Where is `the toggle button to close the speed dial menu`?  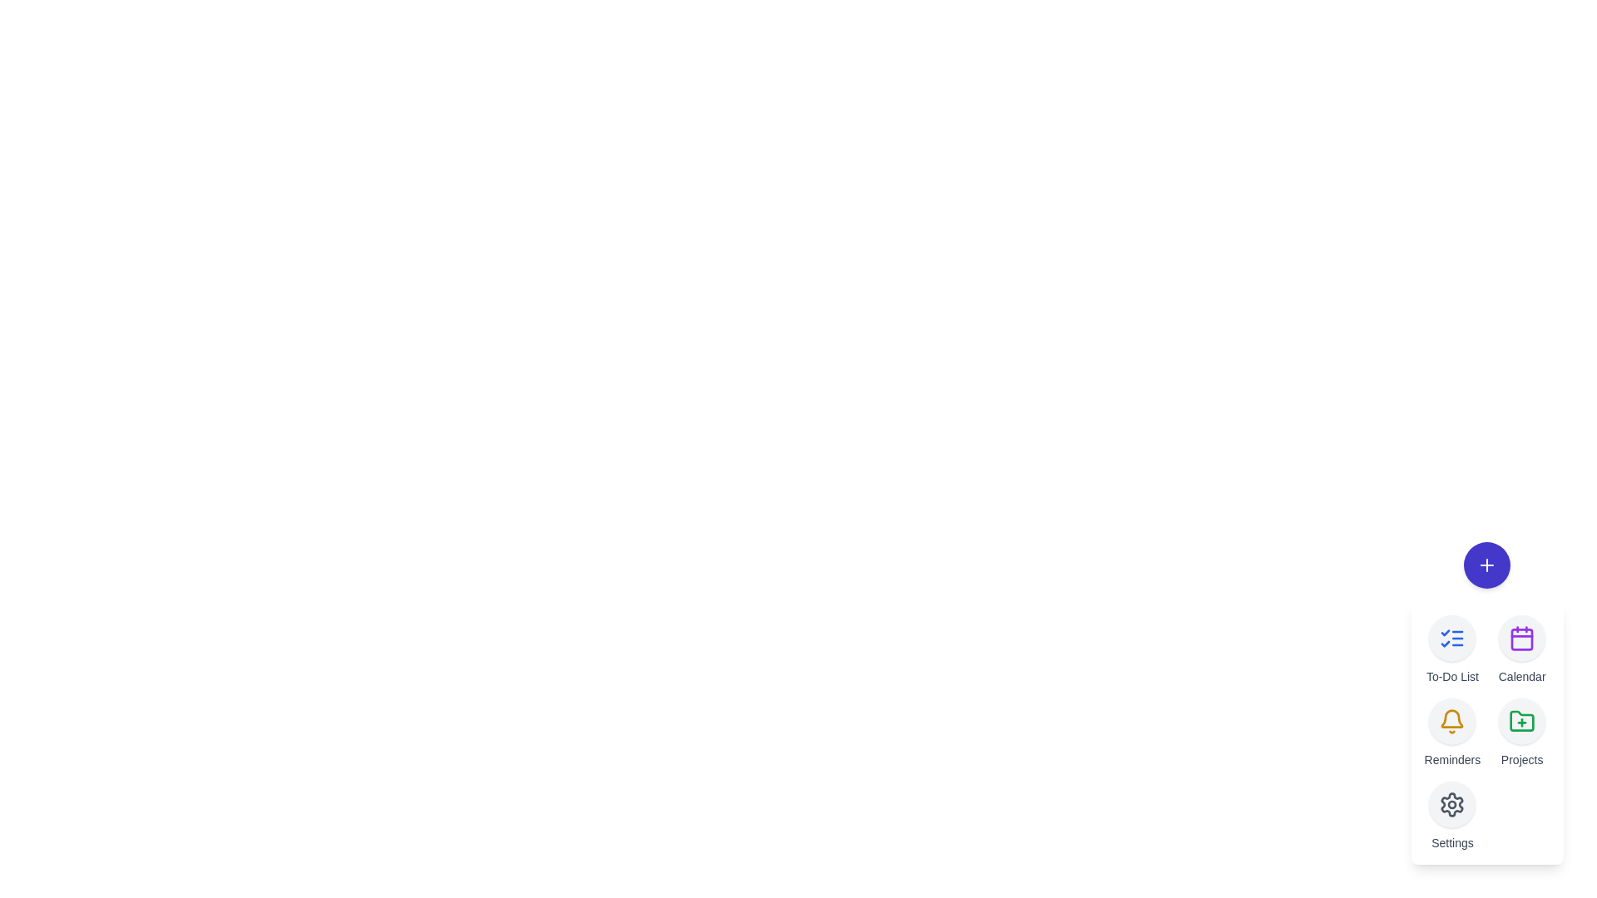
the toggle button to close the speed dial menu is located at coordinates (1487, 564).